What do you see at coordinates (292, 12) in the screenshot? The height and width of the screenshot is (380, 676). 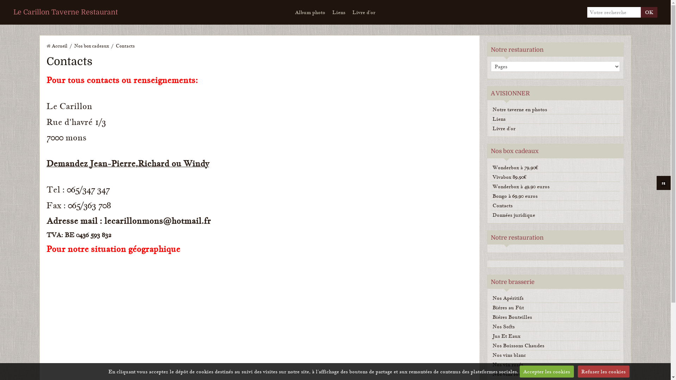 I see `'Album photo'` at bounding box center [292, 12].